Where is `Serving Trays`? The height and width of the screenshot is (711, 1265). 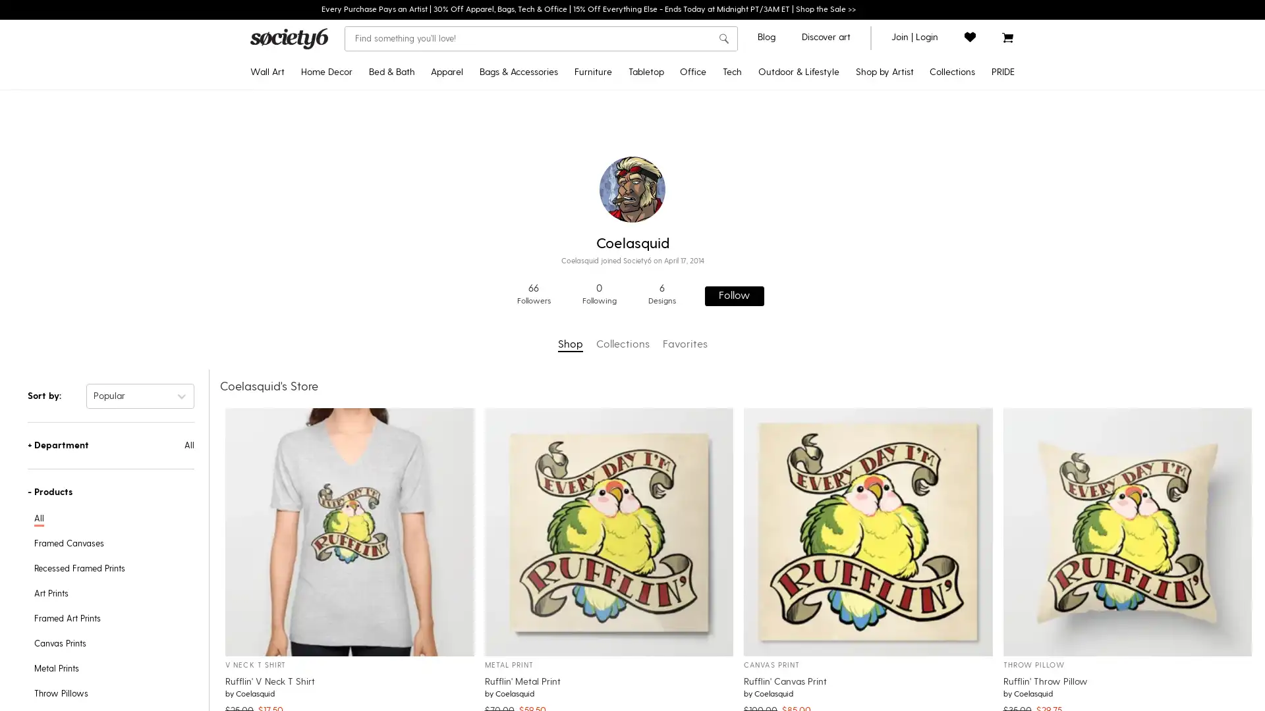 Serving Trays is located at coordinates (670, 296).